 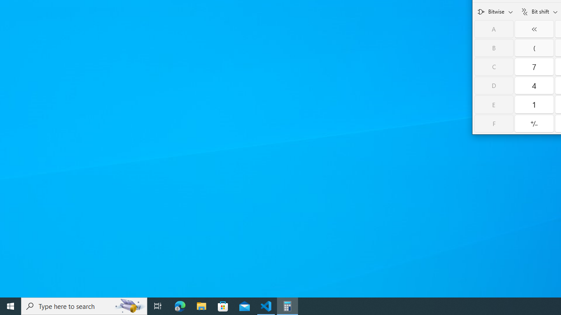 What do you see at coordinates (494, 48) in the screenshot?
I see `'B'` at bounding box center [494, 48].